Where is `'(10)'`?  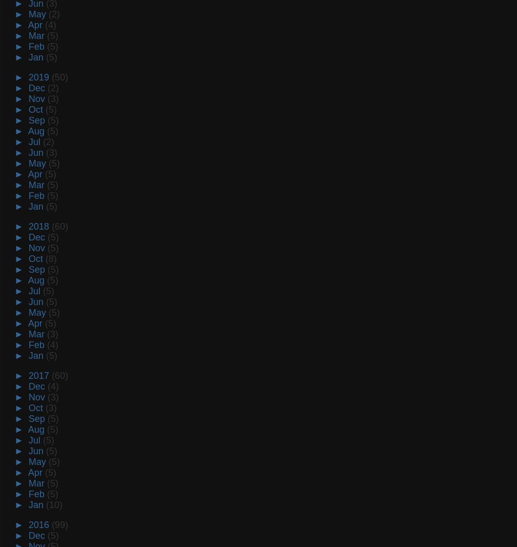 '(10)' is located at coordinates (54, 504).